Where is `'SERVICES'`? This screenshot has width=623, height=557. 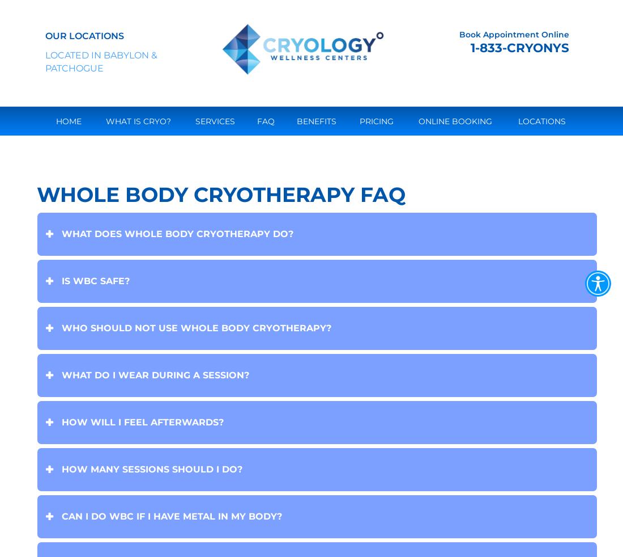 'SERVICES' is located at coordinates (194, 120).